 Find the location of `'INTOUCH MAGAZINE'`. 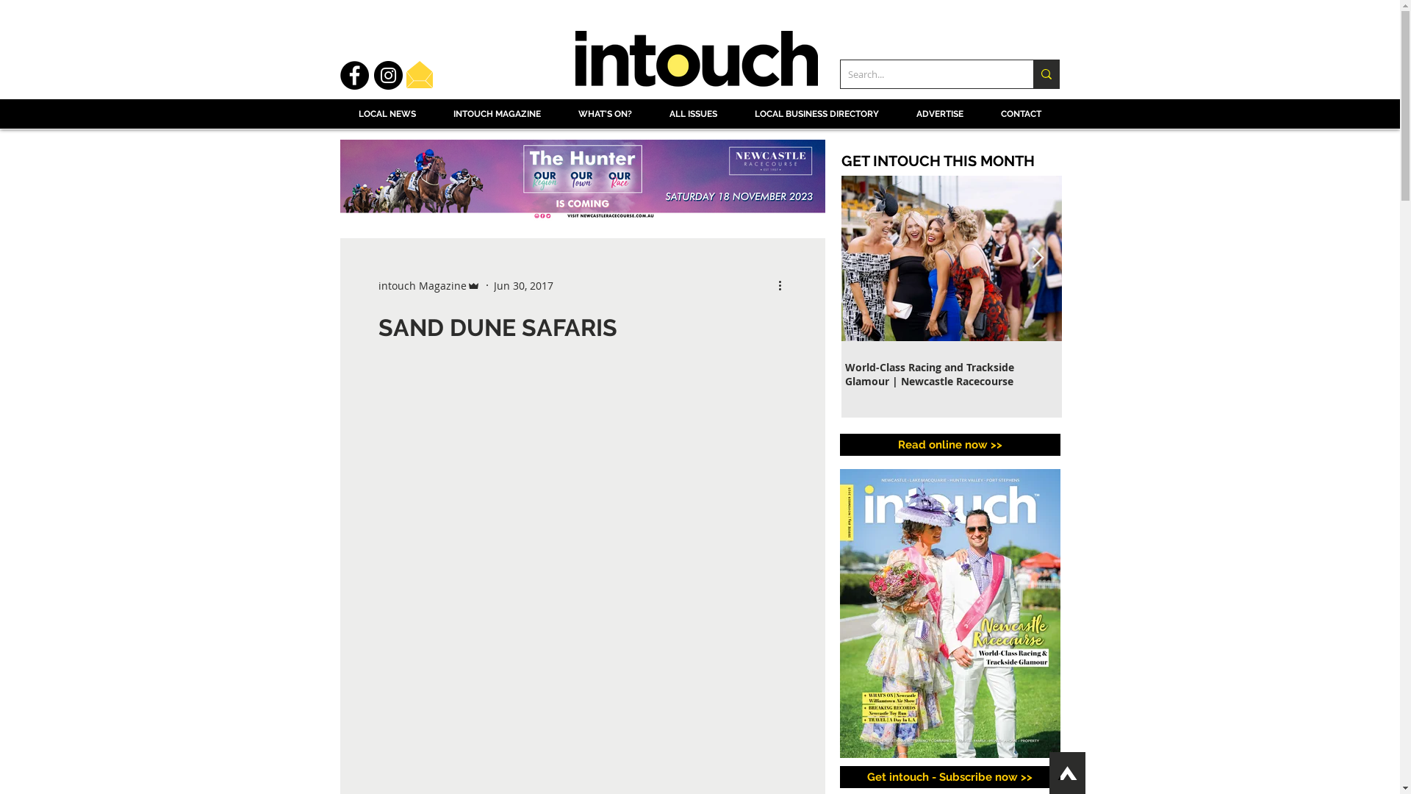

'INTOUCH MAGAZINE' is located at coordinates (495, 118).